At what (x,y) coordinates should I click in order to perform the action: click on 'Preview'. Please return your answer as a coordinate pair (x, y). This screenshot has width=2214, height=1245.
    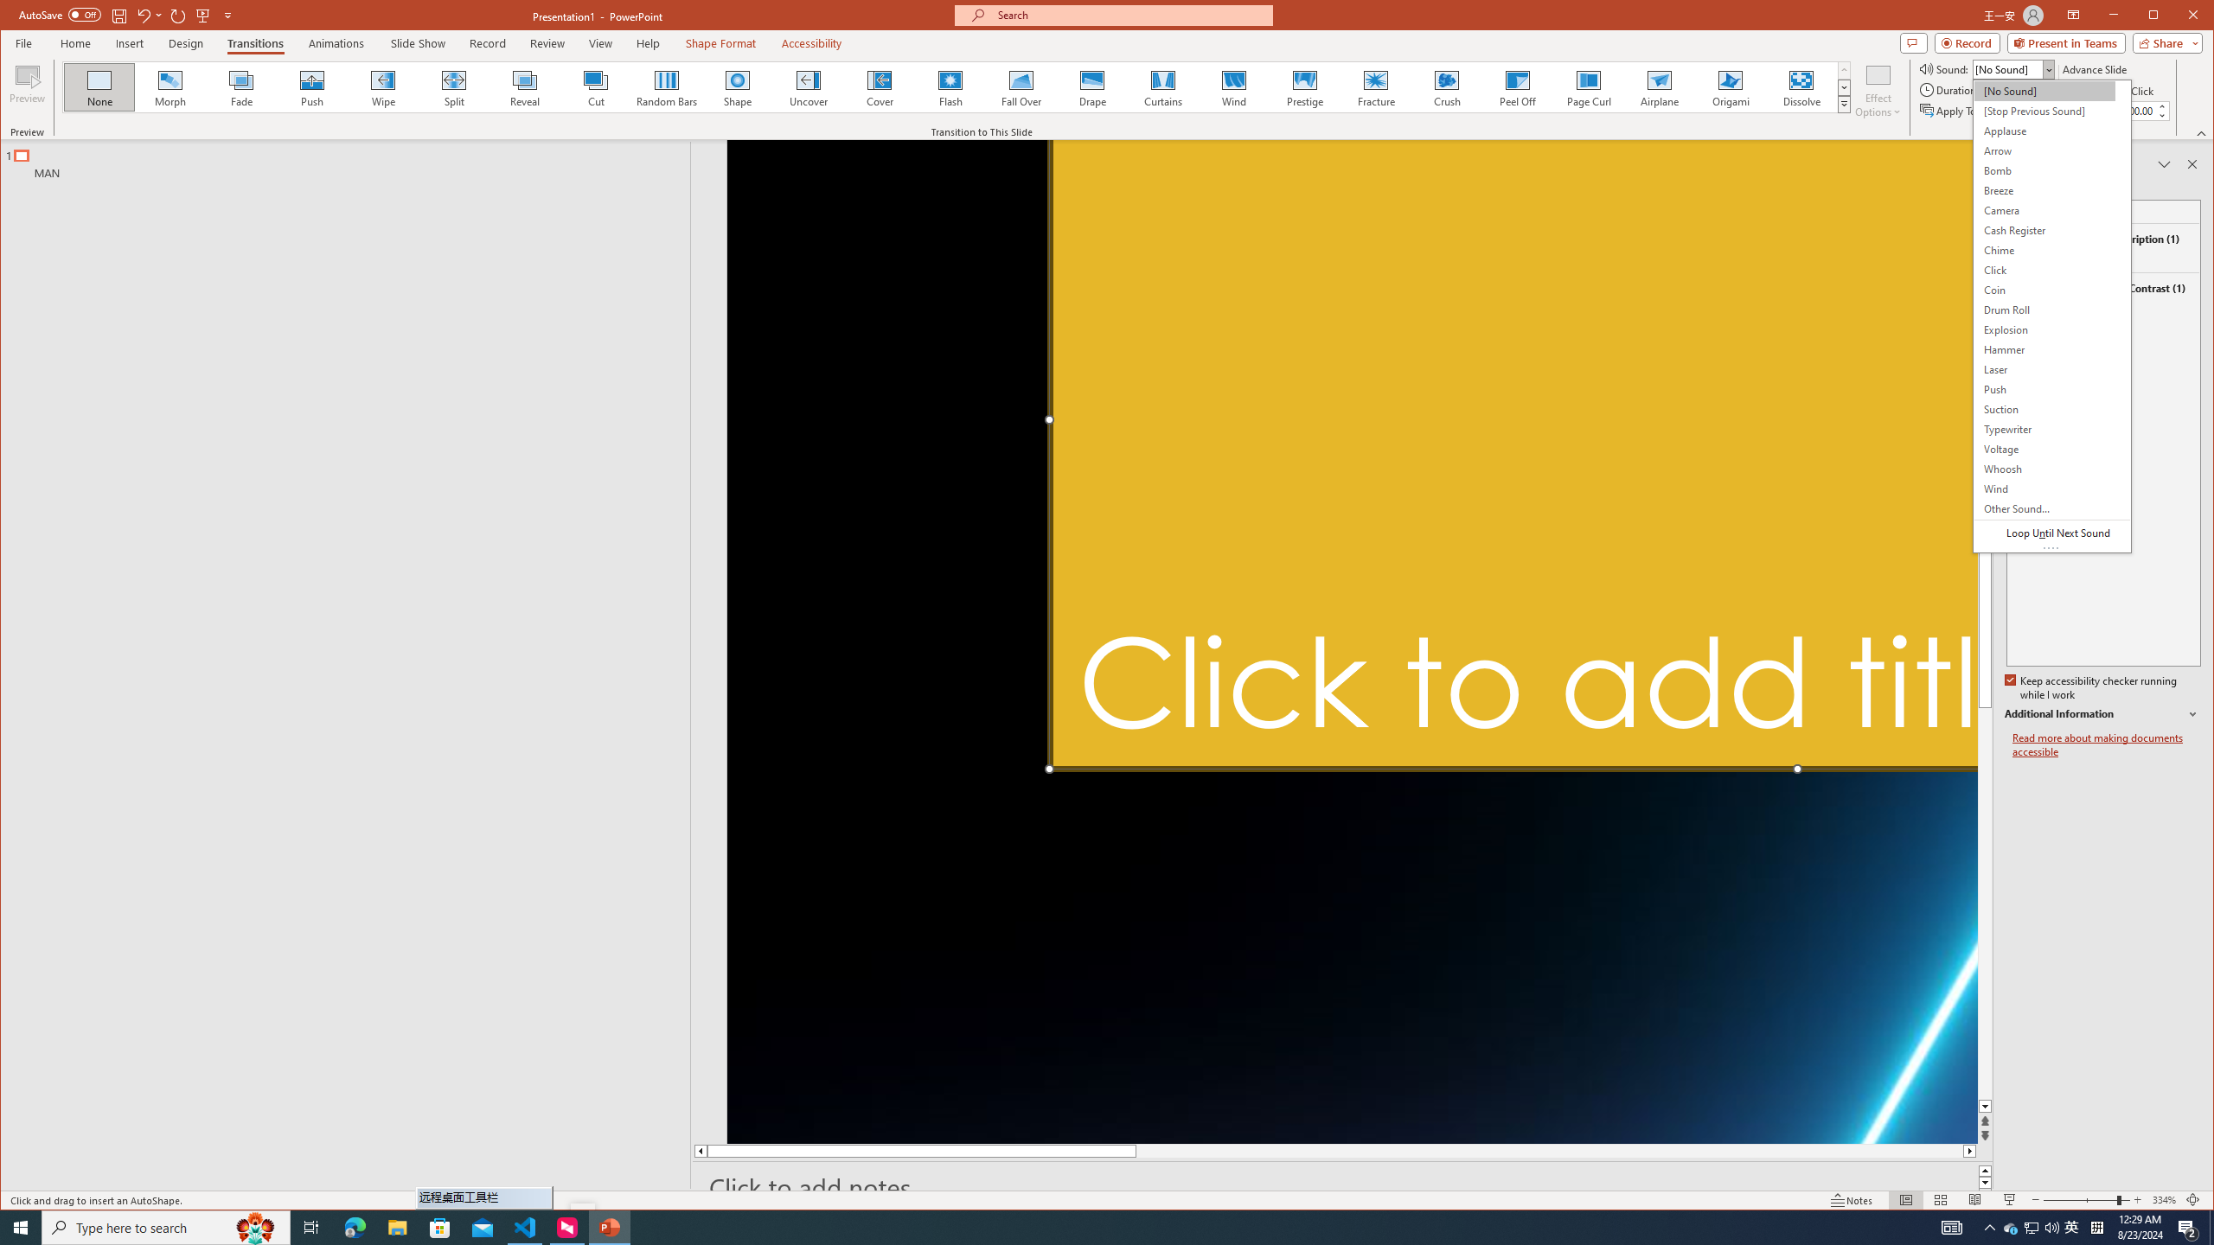
    Looking at the image, I should click on (28, 89).